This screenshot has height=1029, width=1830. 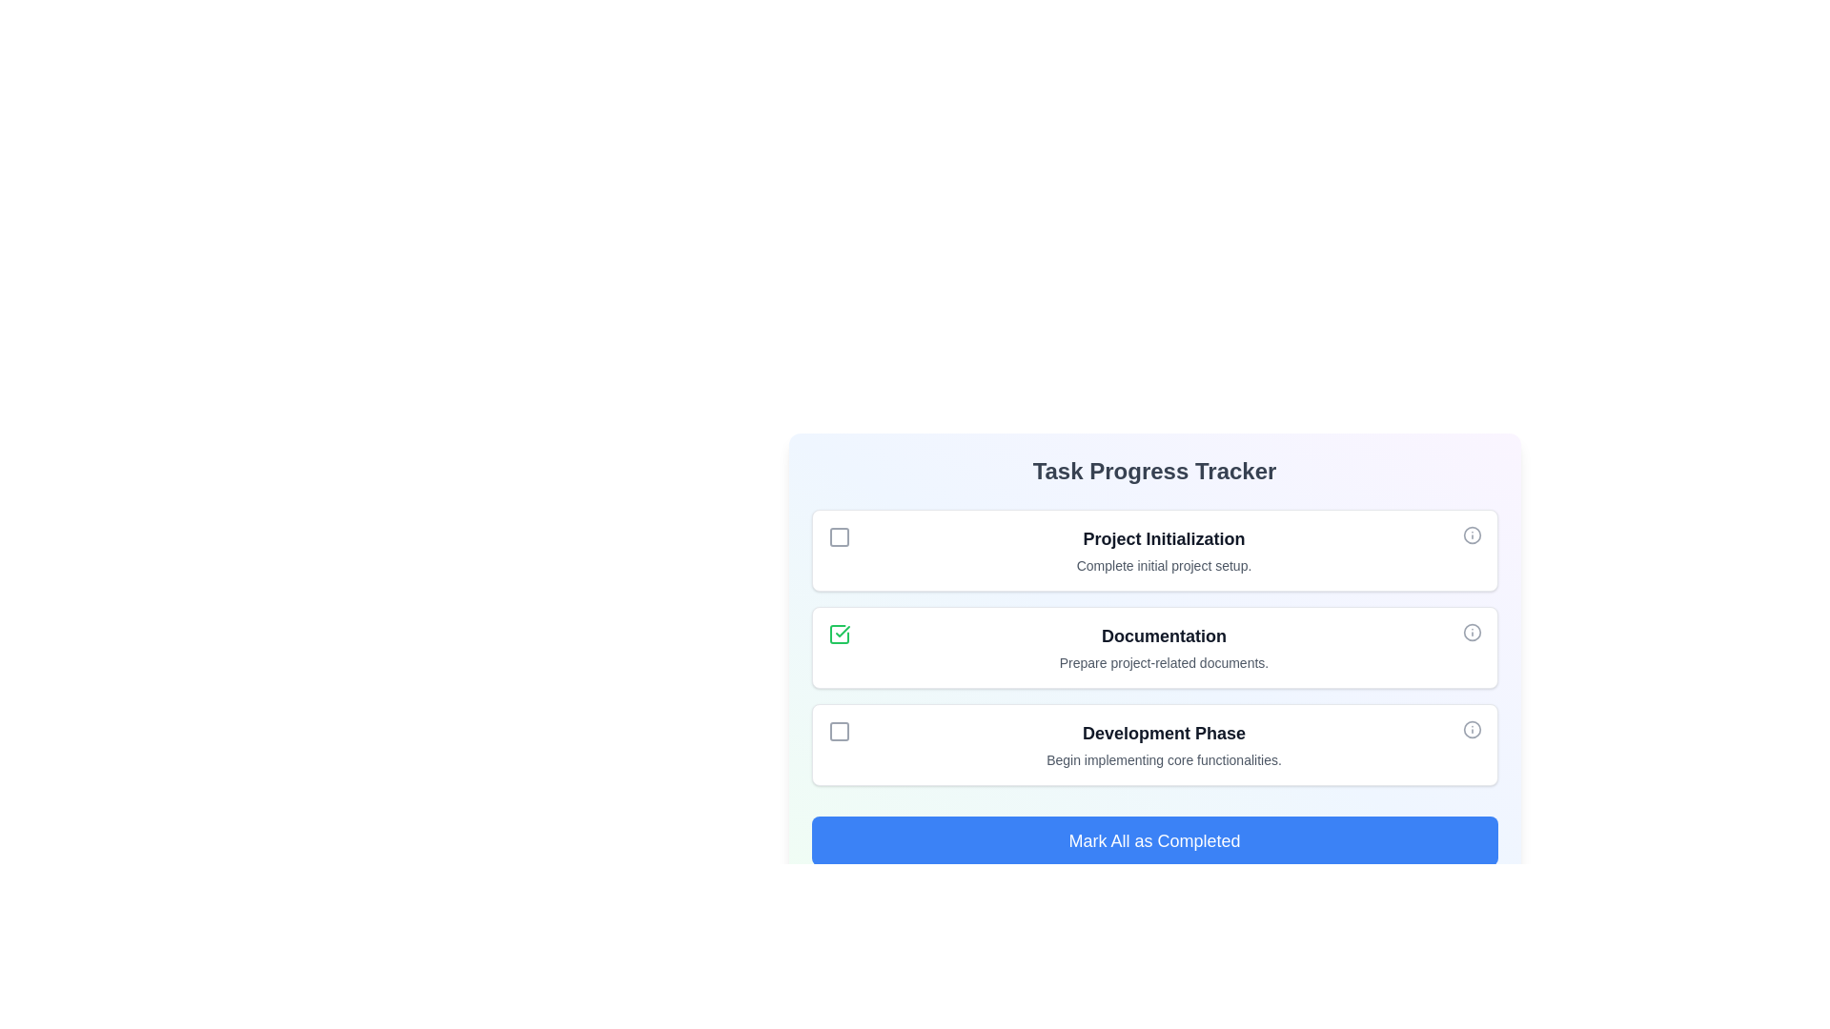 What do you see at coordinates (1471, 535) in the screenshot?
I see `the small circular gray icon located at the top-right corner of the 'Project Initialization' card, to the right of the title text` at bounding box center [1471, 535].